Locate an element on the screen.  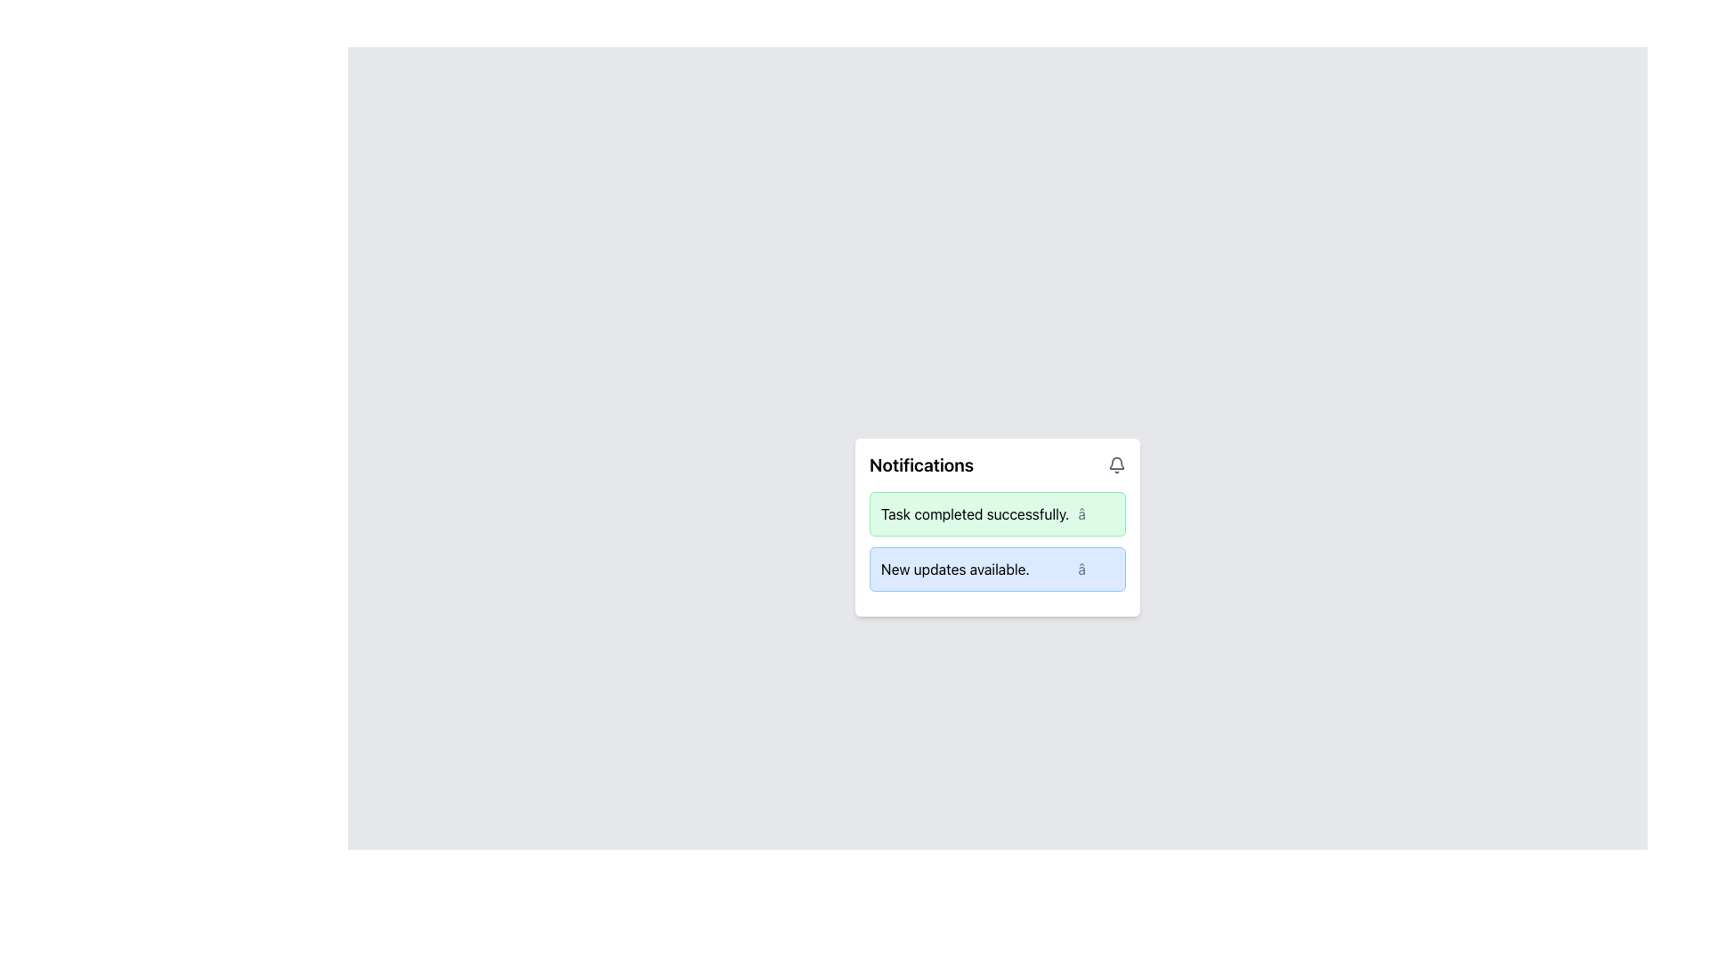
the notification with the text 'New updates available.' which has a dismiss icon to its right is located at coordinates (998, 569).